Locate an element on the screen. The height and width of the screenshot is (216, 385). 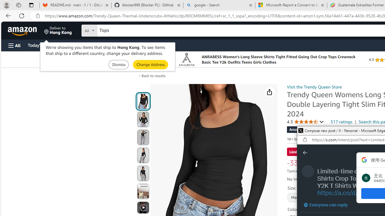
'google - Search' is located at coordinates (219, 5).